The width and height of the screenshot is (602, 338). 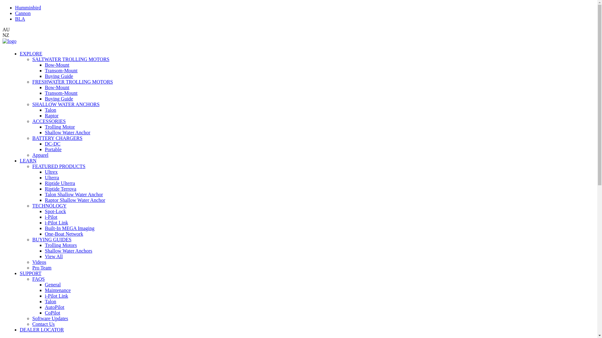 What do you see at coordinates (32, 155) in the screenshot?
I see `'Apparel'` at bounding box center [32, 155].